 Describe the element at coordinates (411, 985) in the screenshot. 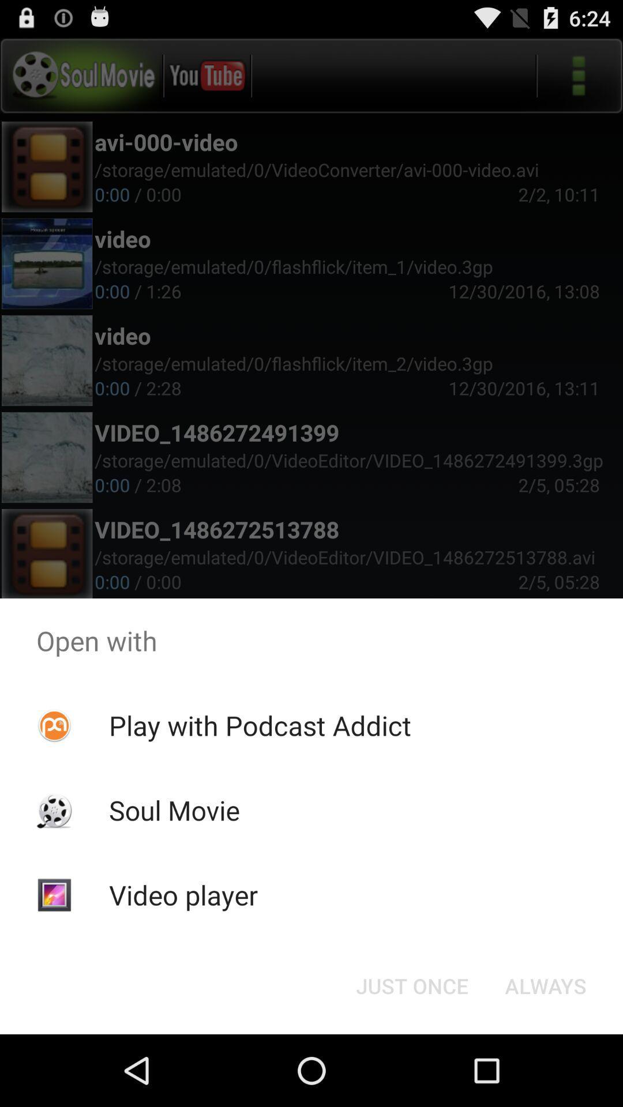

I see `just once at the bottom` at that location.